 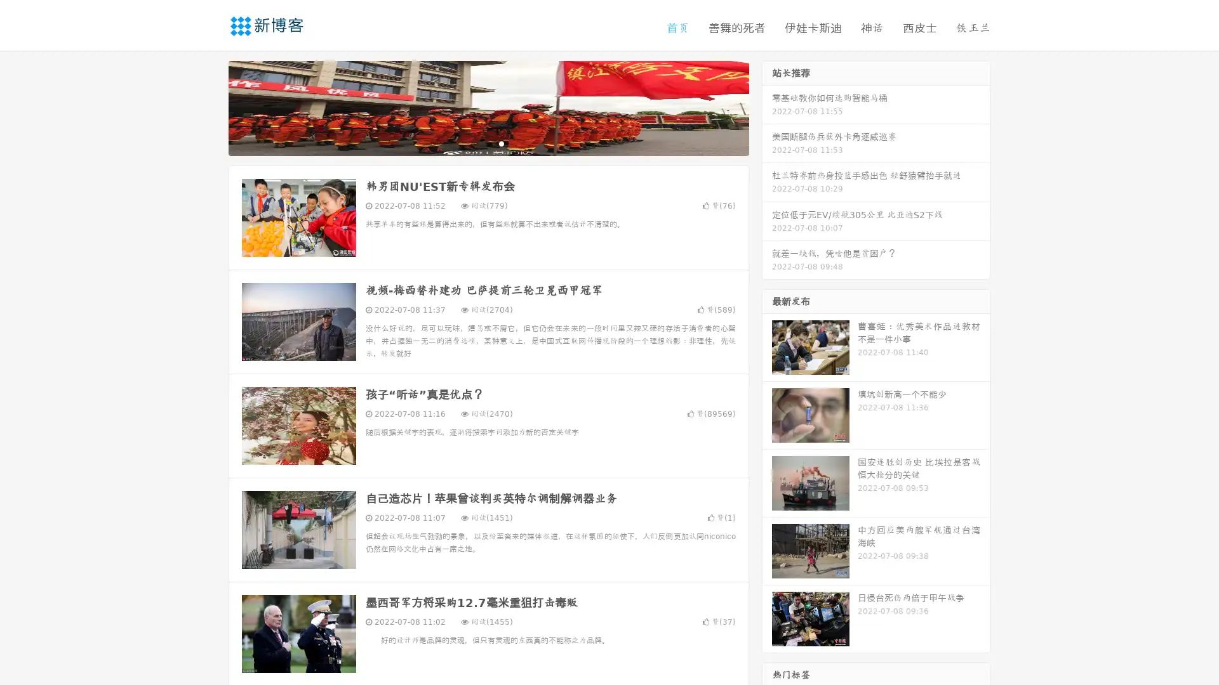 I want to click on Go to slide 3, so click(x=501, y=143).